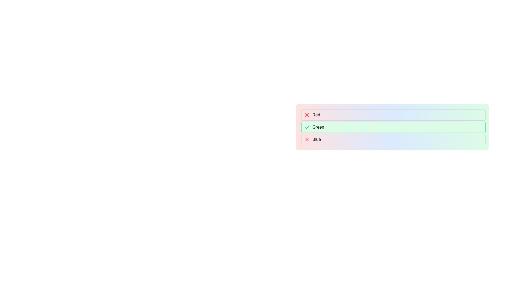 This screenshot has width=510, height=287. I want to click on the 'Green' button, so click(393, 127).